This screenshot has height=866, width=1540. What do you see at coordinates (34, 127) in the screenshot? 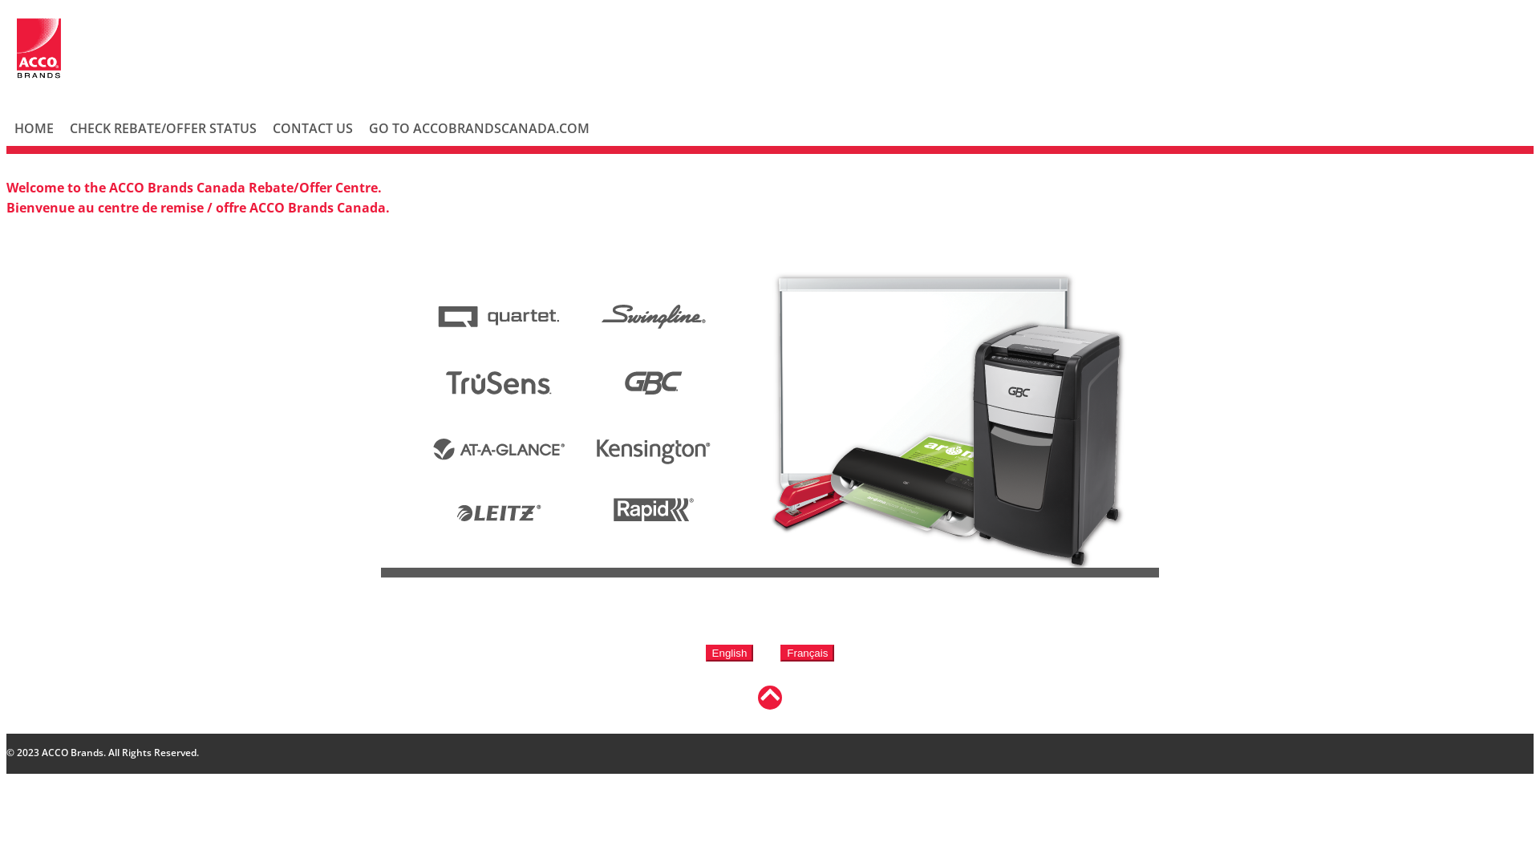
I see `'HOME'` at bounding box center [34, 127].